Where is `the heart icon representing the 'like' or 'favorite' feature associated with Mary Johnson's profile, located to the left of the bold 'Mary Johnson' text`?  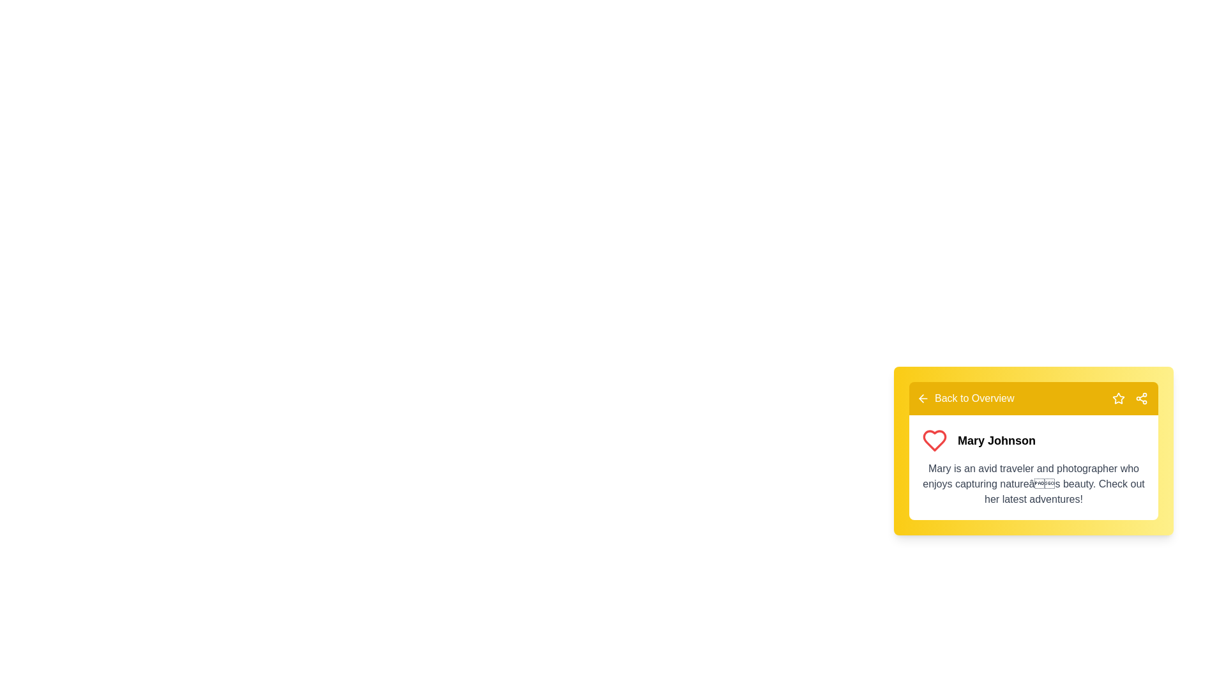 the heart icon representing the 'like' or 'favorite' feature associated with Mary Johnson's profile, located to the left of the bold 'Mary Johnson' text is located at coordinates (935, 440).